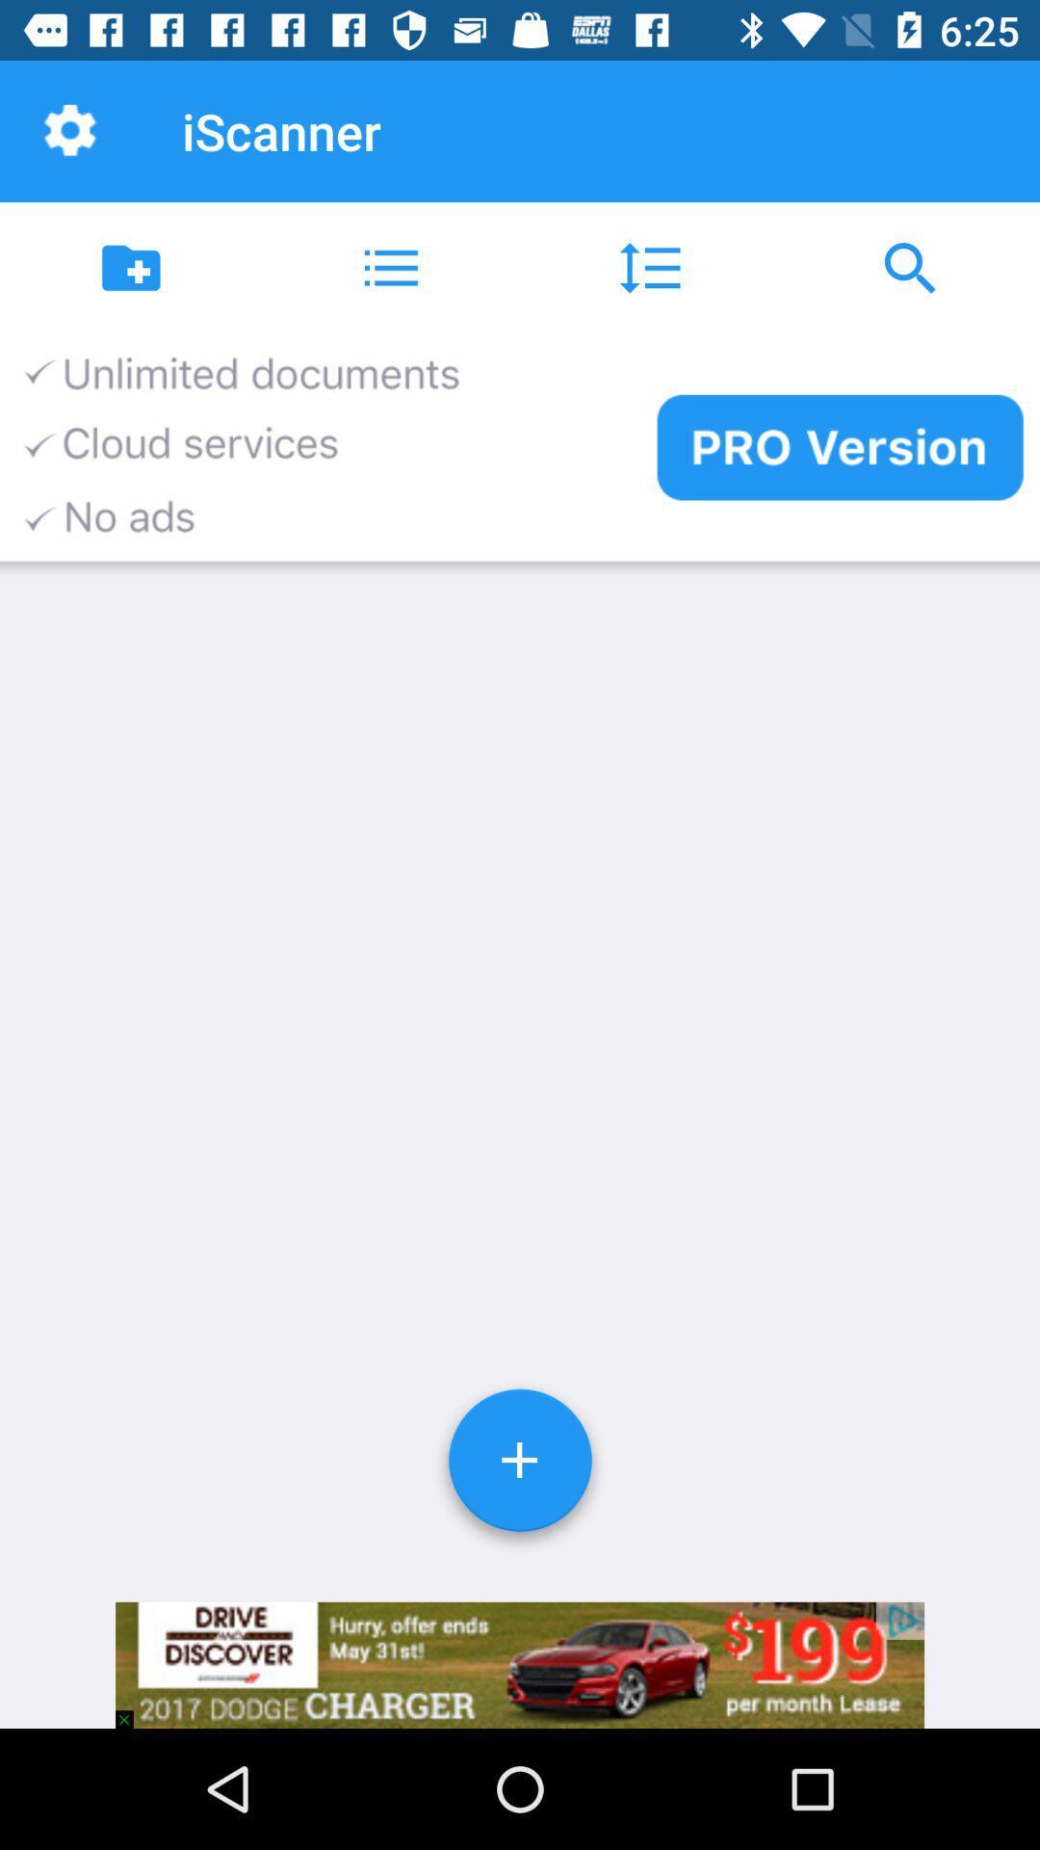 The image size is (1040, 1850). What do you see at coordinates (390, 267) in the screenshot?
I see `the item below iscanner` at bounding box center [390, 267].